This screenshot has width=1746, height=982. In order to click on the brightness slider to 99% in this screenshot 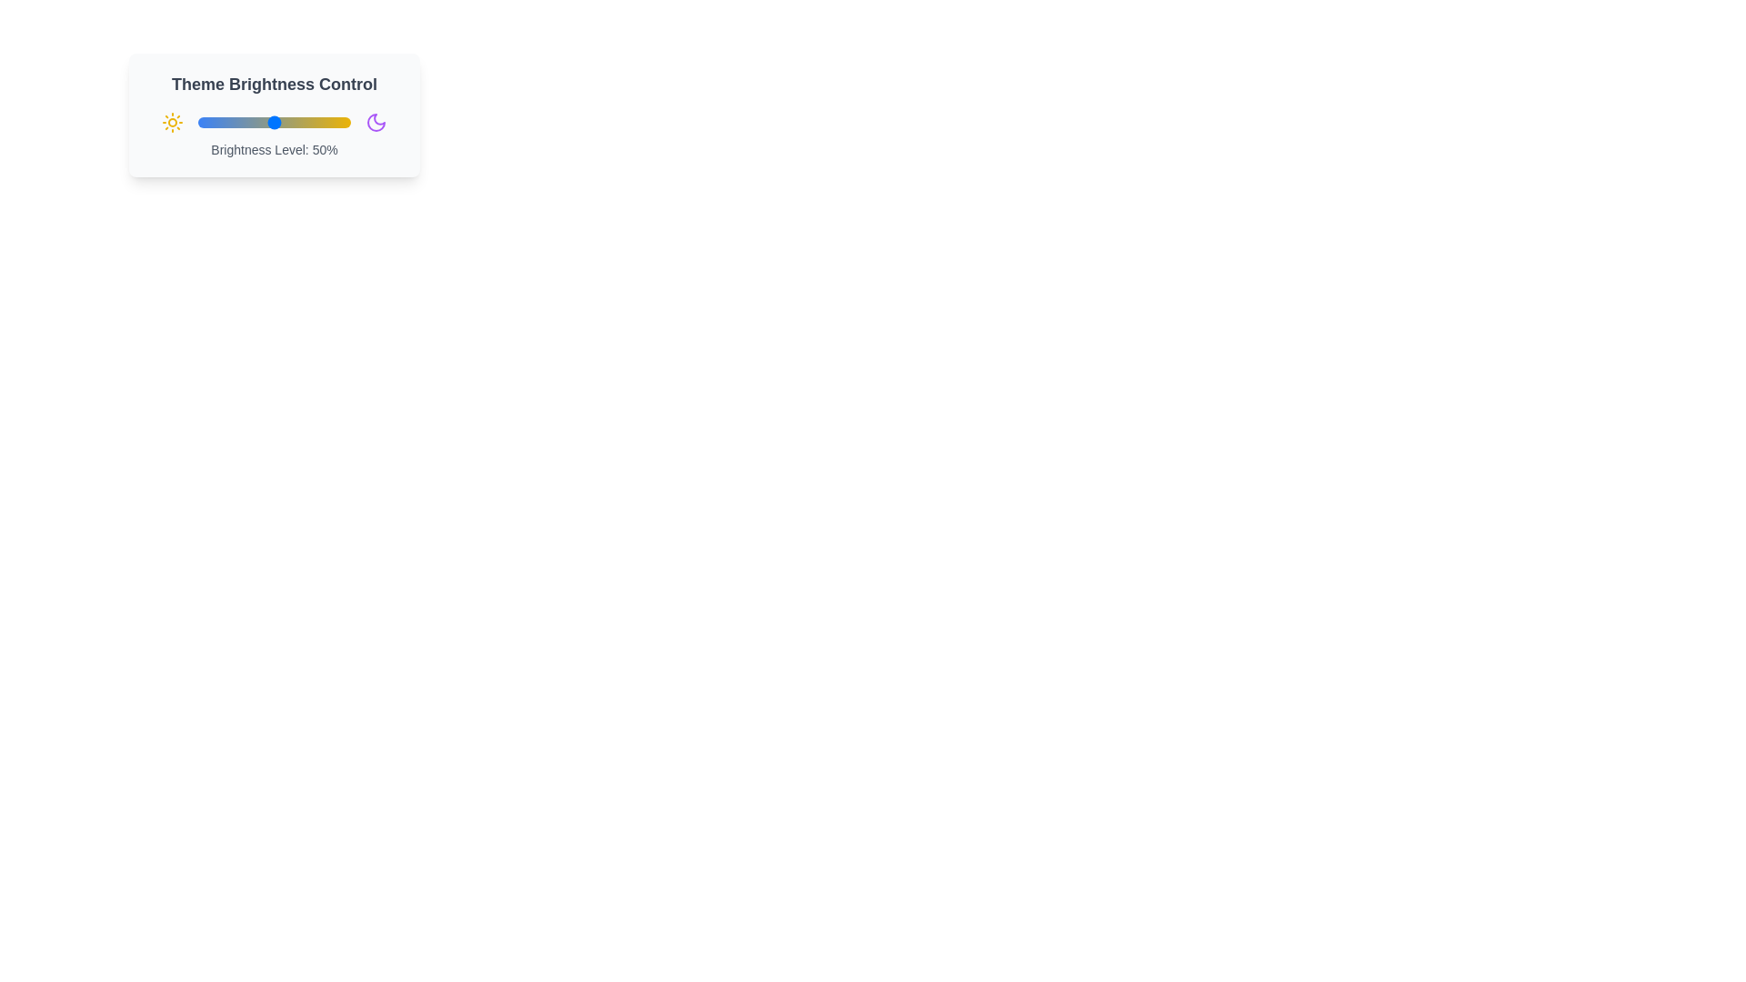, I will do `click(349, 123)`.